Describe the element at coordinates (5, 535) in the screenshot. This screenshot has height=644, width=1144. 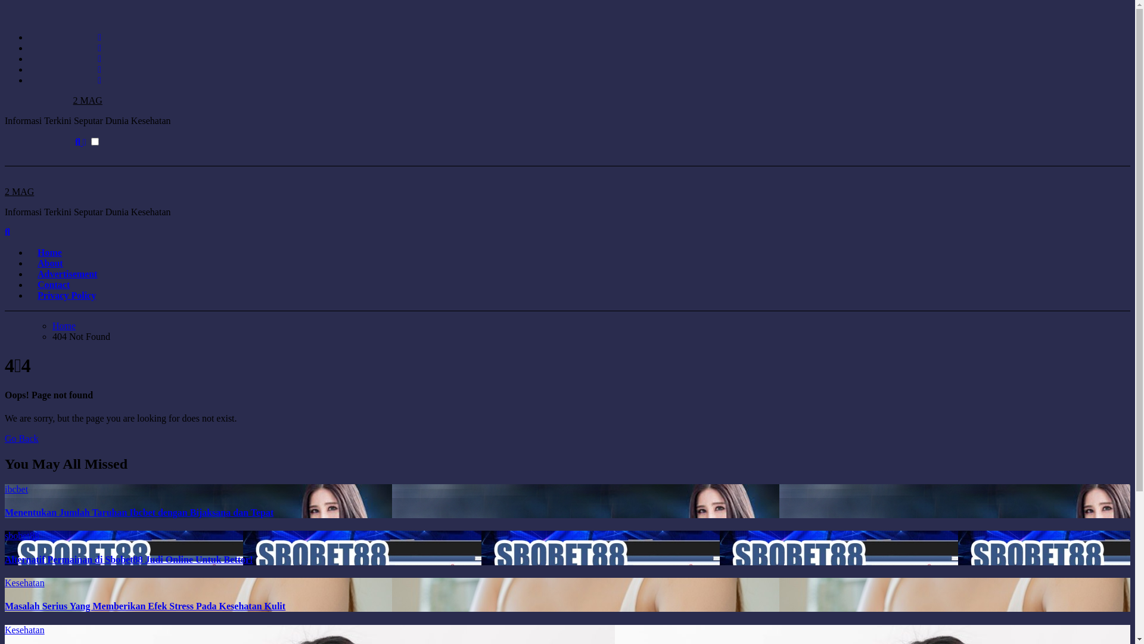
I see `'sbobet88'` at that location.